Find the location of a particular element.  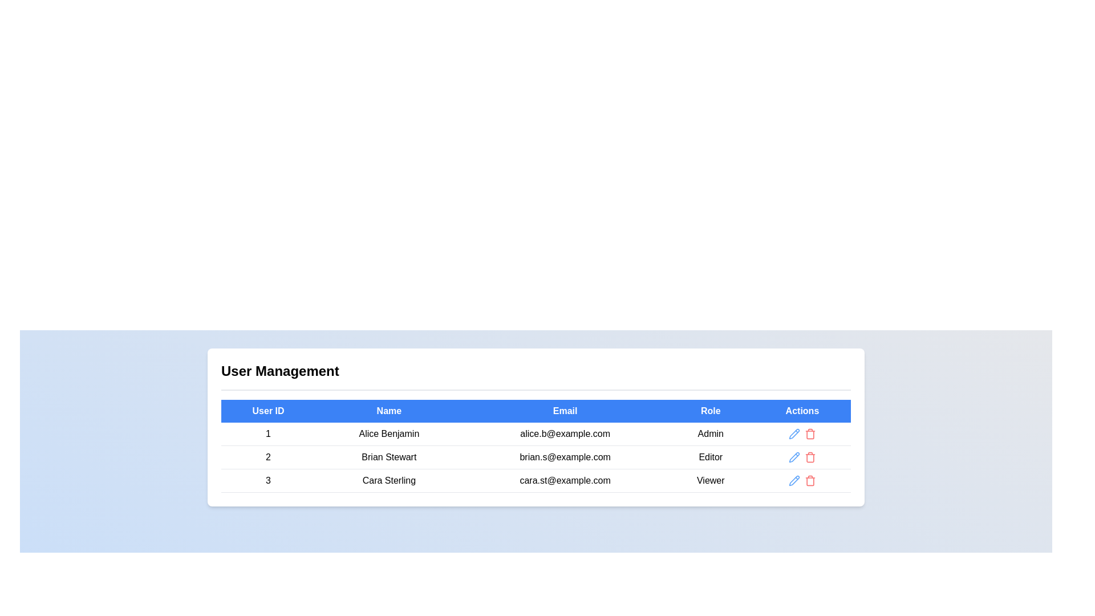

the static text label displaying the email address 'alice.b@example.com' located in the 'User Management' table, which is in the third column of the first row is located at coordinates (565, 434).